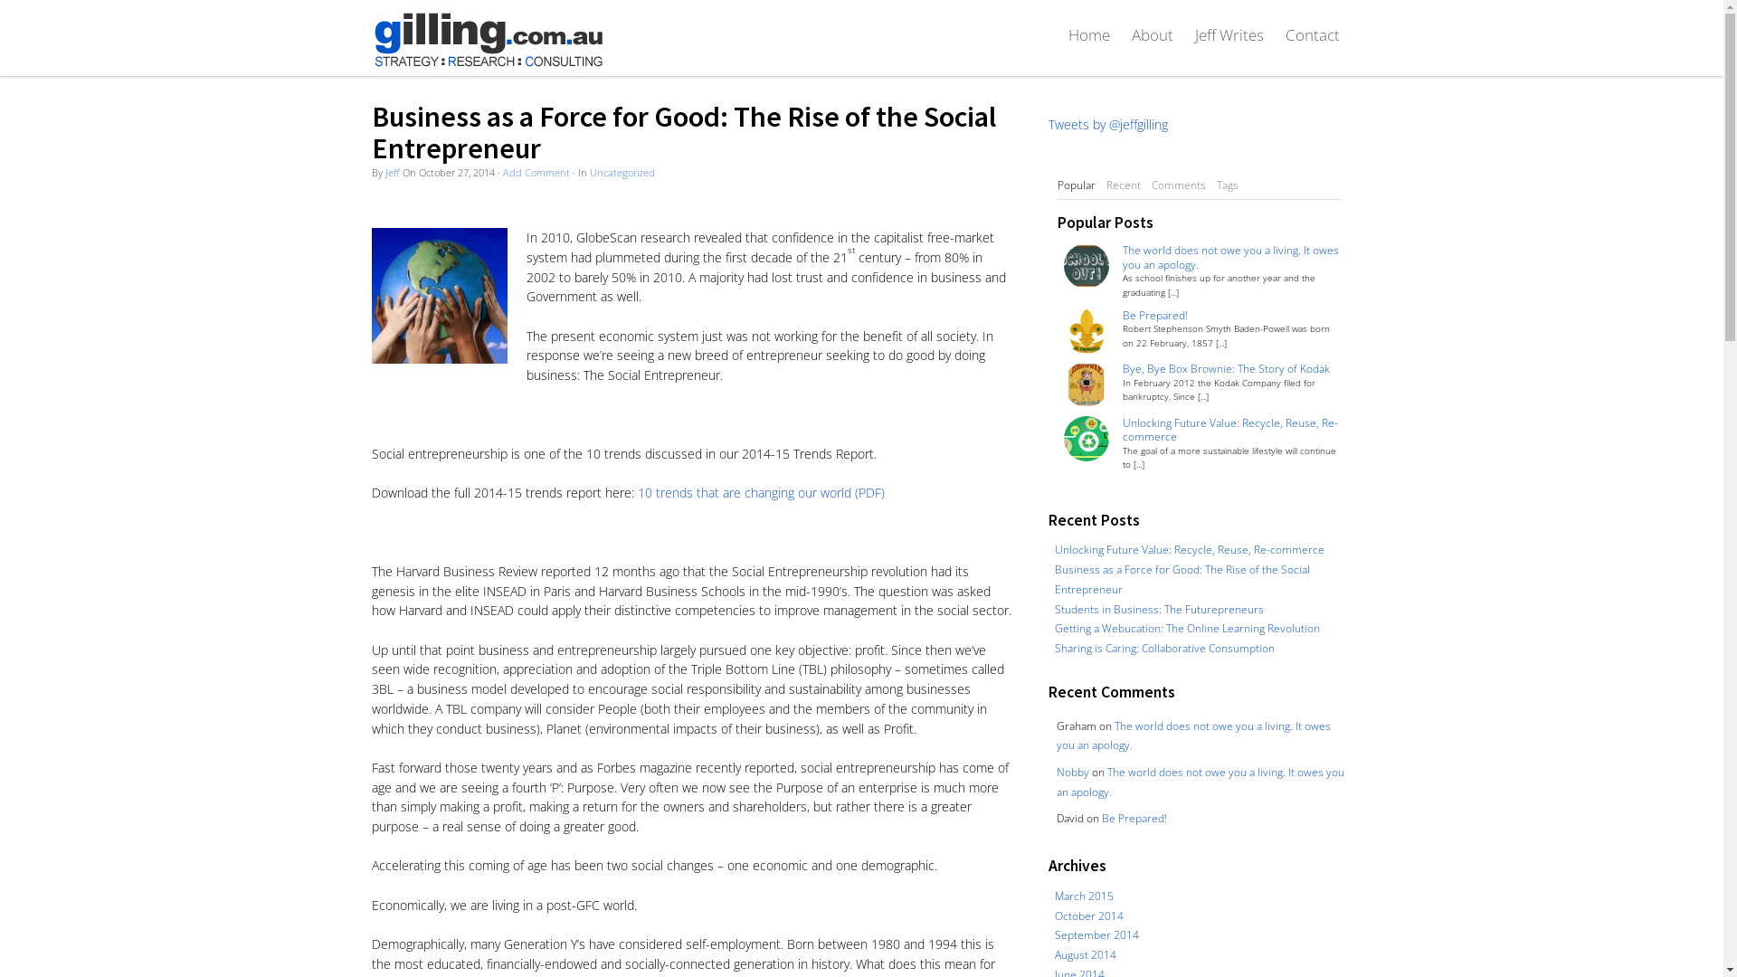 This screenshot has width=1737, height=977. I want to click on 'Uncategorized', so click(622, 172).